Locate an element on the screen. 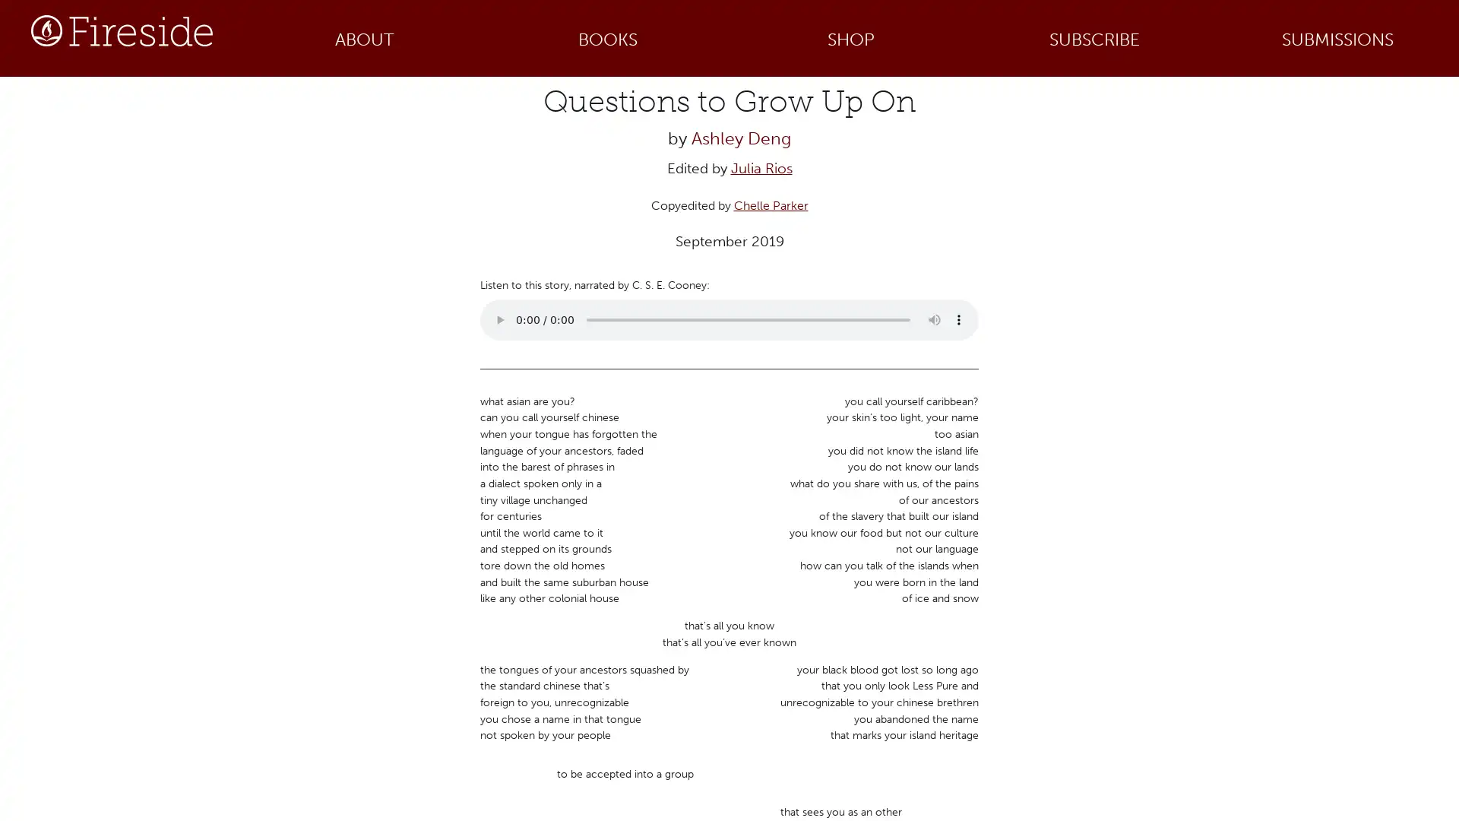 This screenshot has width=1459, height=821. play is located at coordinates (499, 319).